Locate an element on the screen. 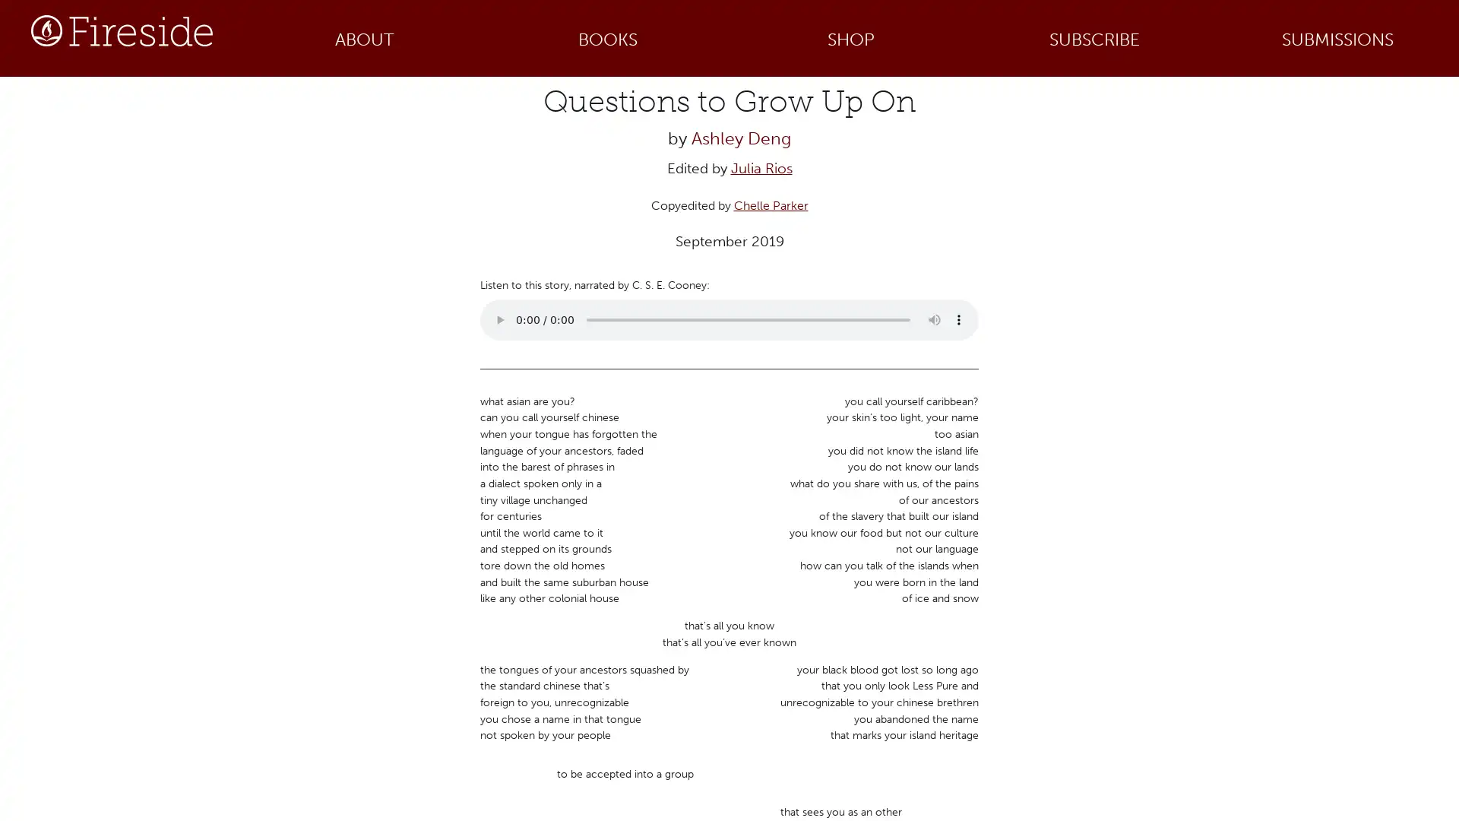 This screenshot has width=1459, height=821. play is located at coordinates (499, 319).